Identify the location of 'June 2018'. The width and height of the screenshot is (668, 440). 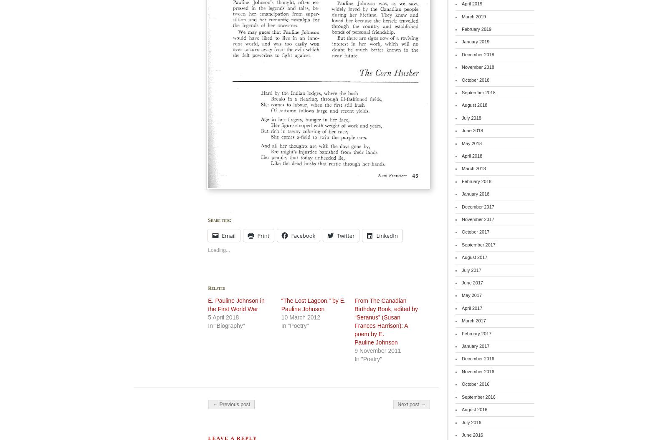
(472, 130).